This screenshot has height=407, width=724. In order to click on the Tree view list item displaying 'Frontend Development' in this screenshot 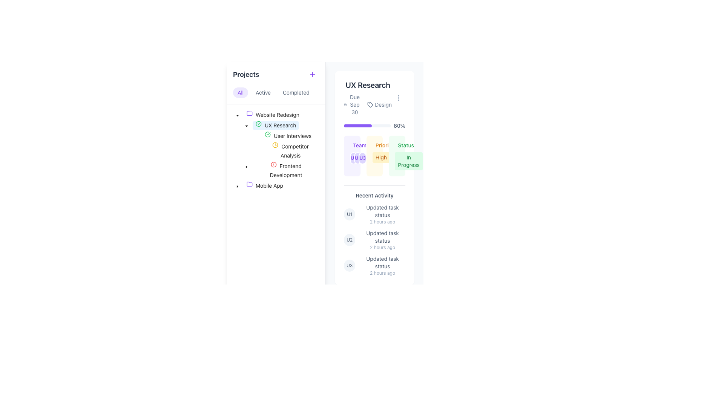, I will do `click(276, 170)`.